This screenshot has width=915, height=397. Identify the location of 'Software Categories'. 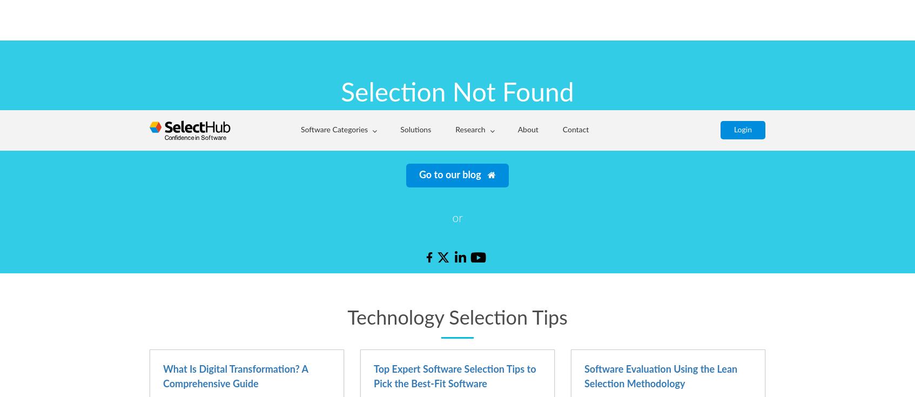
(333, 19).